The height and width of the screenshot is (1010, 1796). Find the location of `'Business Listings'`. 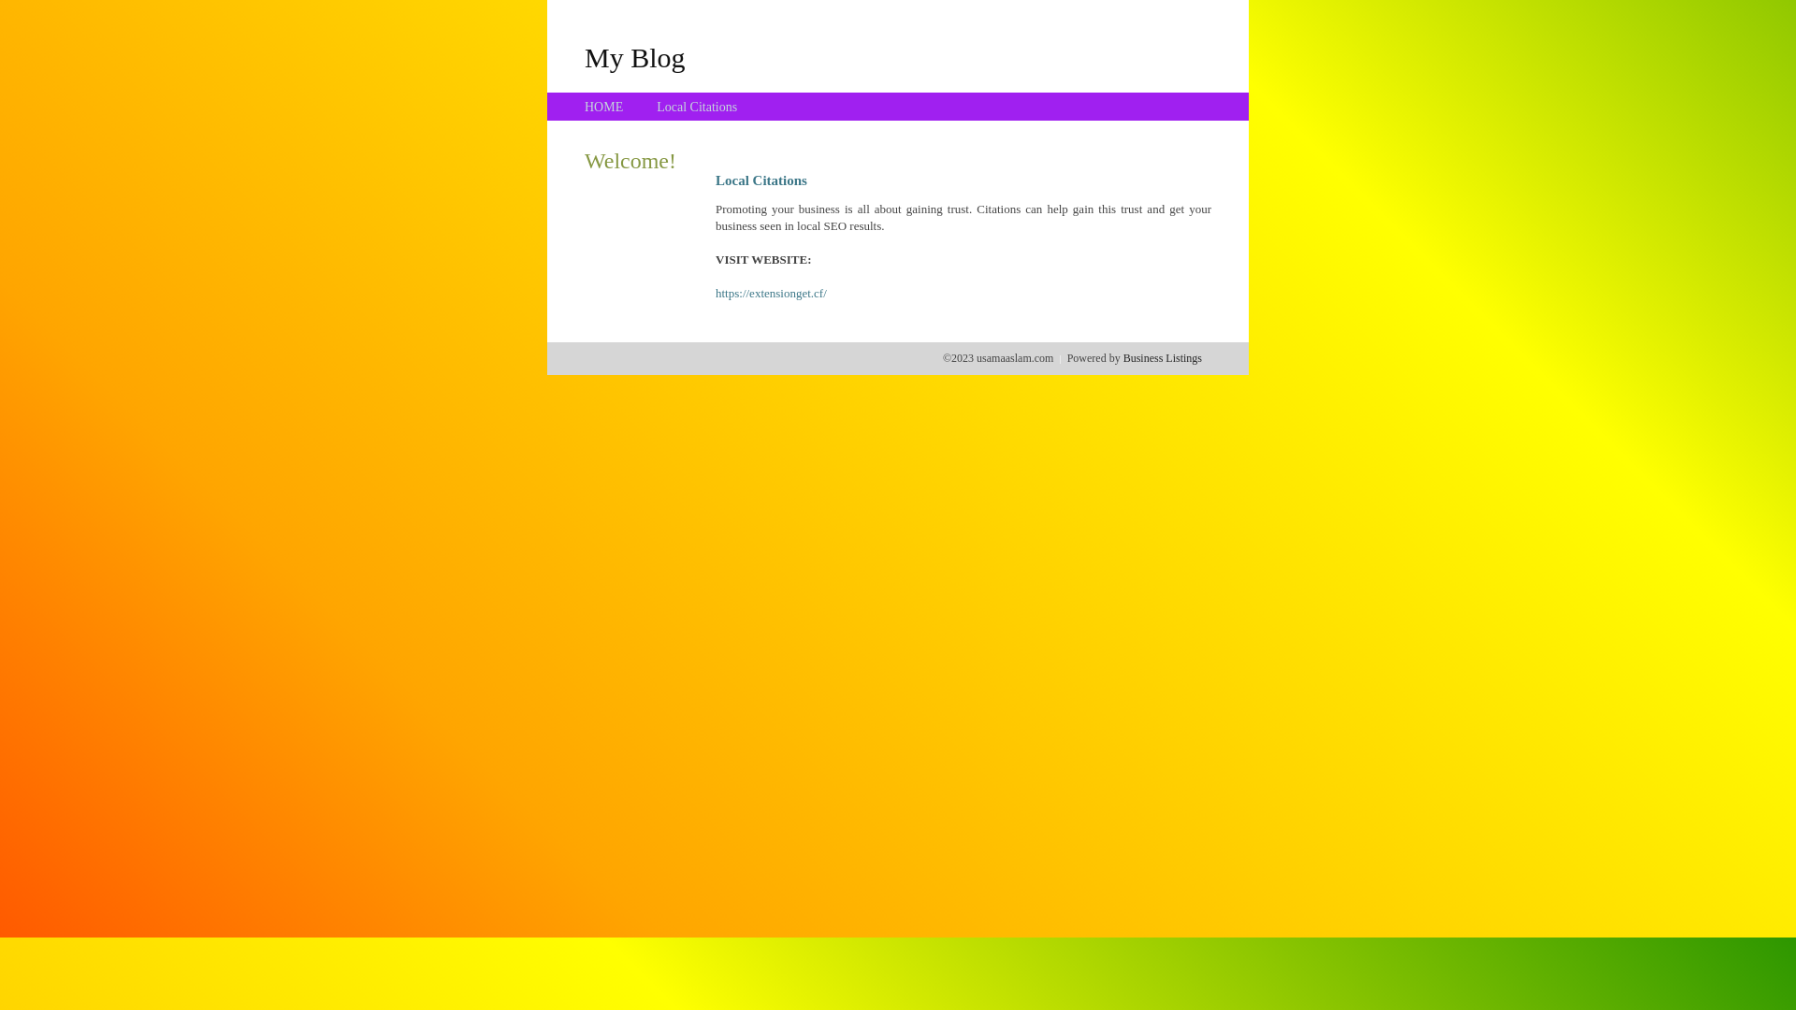

'Business Listings' is located at coordinates (1162, 357).